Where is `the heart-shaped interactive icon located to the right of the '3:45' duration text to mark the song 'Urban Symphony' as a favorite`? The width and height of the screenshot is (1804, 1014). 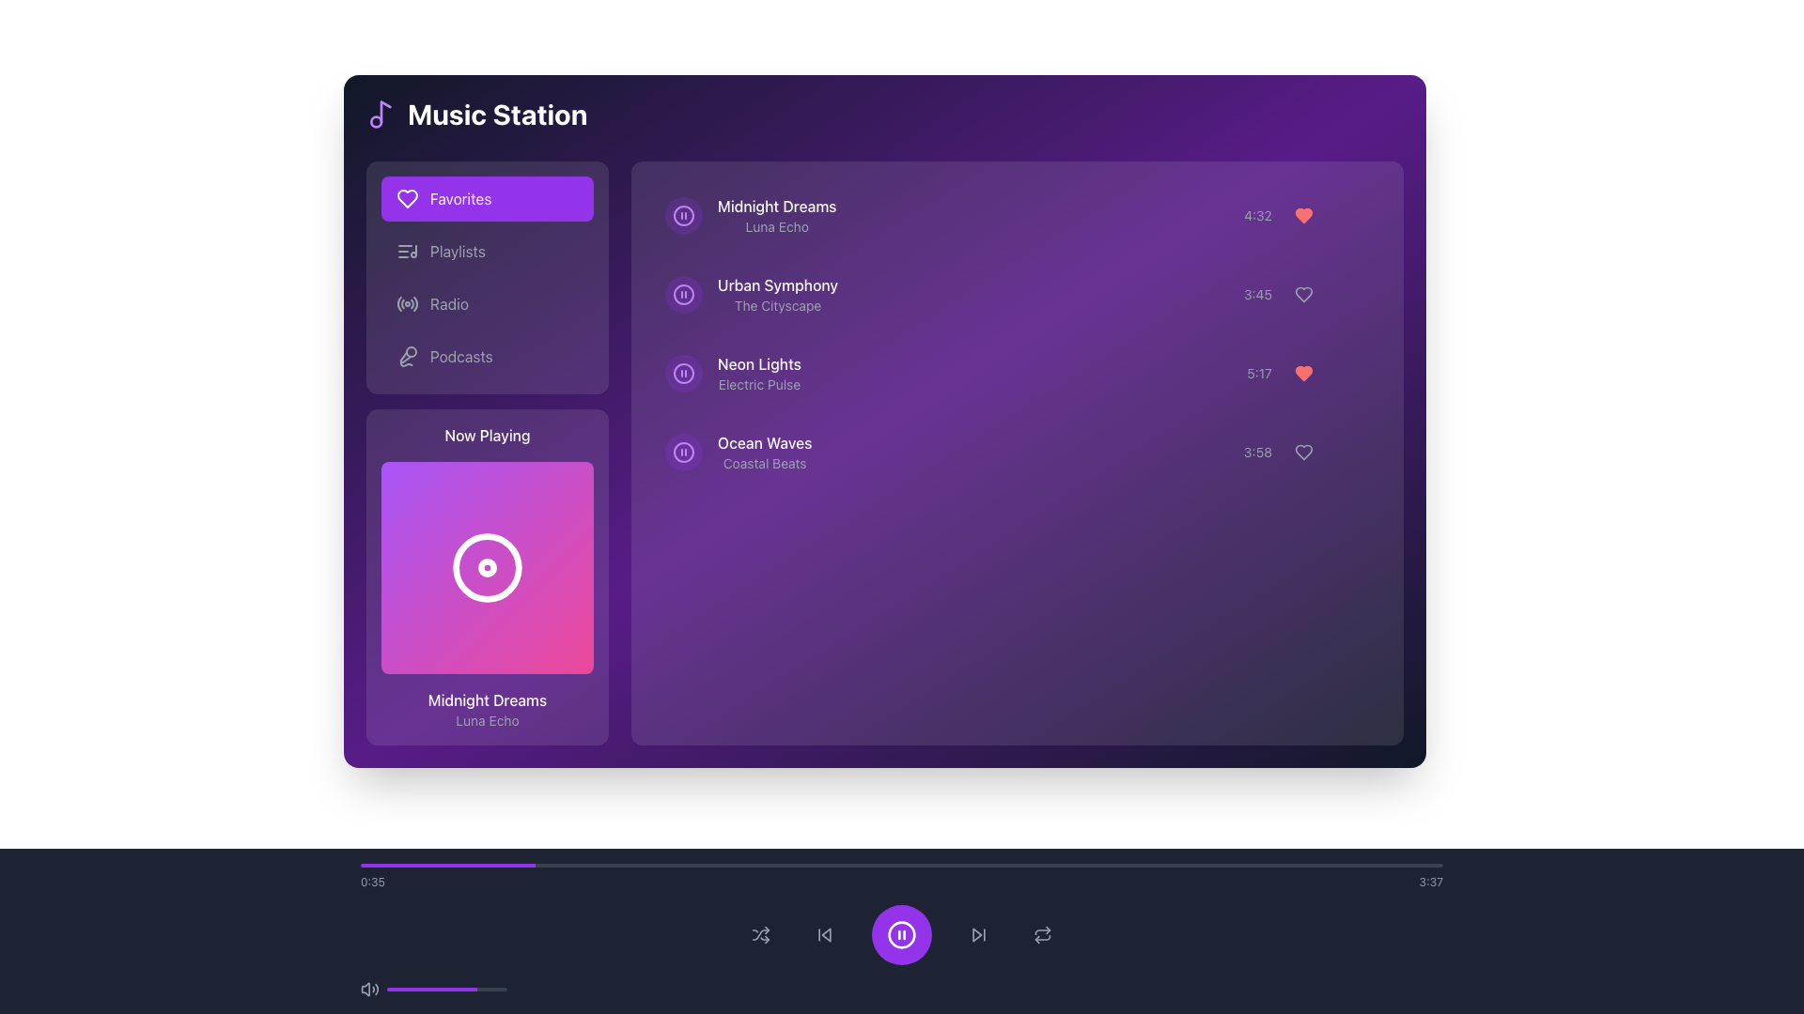 the heart-shaped interactive icon located to the right of the '3:45' duration text to mark the song 'Urban Symphony' as a favorite is located at coordinates (1306, 294).